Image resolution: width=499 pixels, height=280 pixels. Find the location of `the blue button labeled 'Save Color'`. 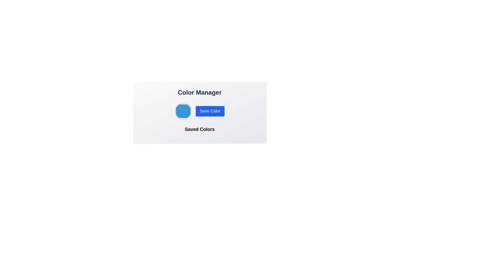

the blue button labeled 'Save Color' is located at coordinates (199, 113).